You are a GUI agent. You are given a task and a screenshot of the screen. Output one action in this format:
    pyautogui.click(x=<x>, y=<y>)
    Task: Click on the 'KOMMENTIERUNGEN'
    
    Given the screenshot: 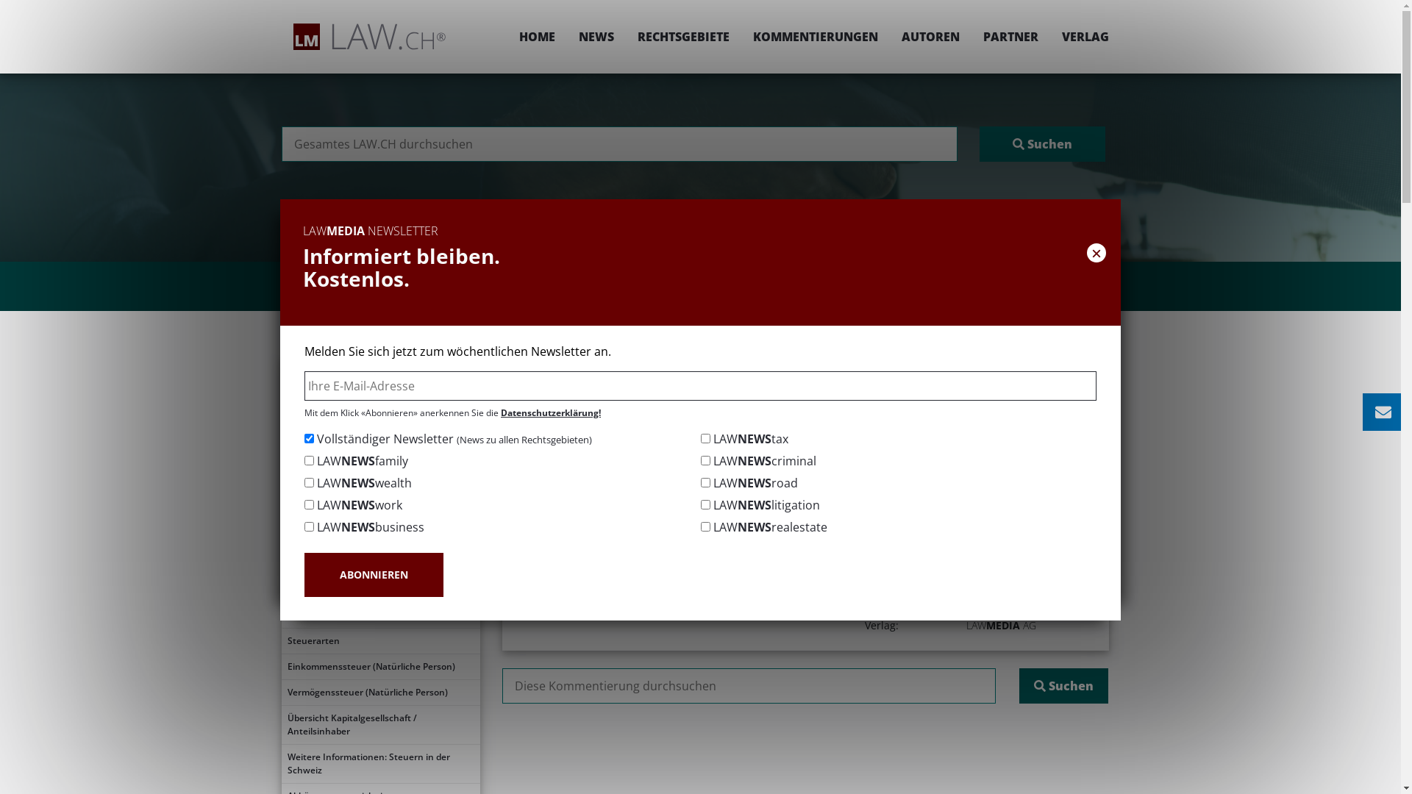 What is the action you would take?
    pyautogui.click(x=814, y=36)
    